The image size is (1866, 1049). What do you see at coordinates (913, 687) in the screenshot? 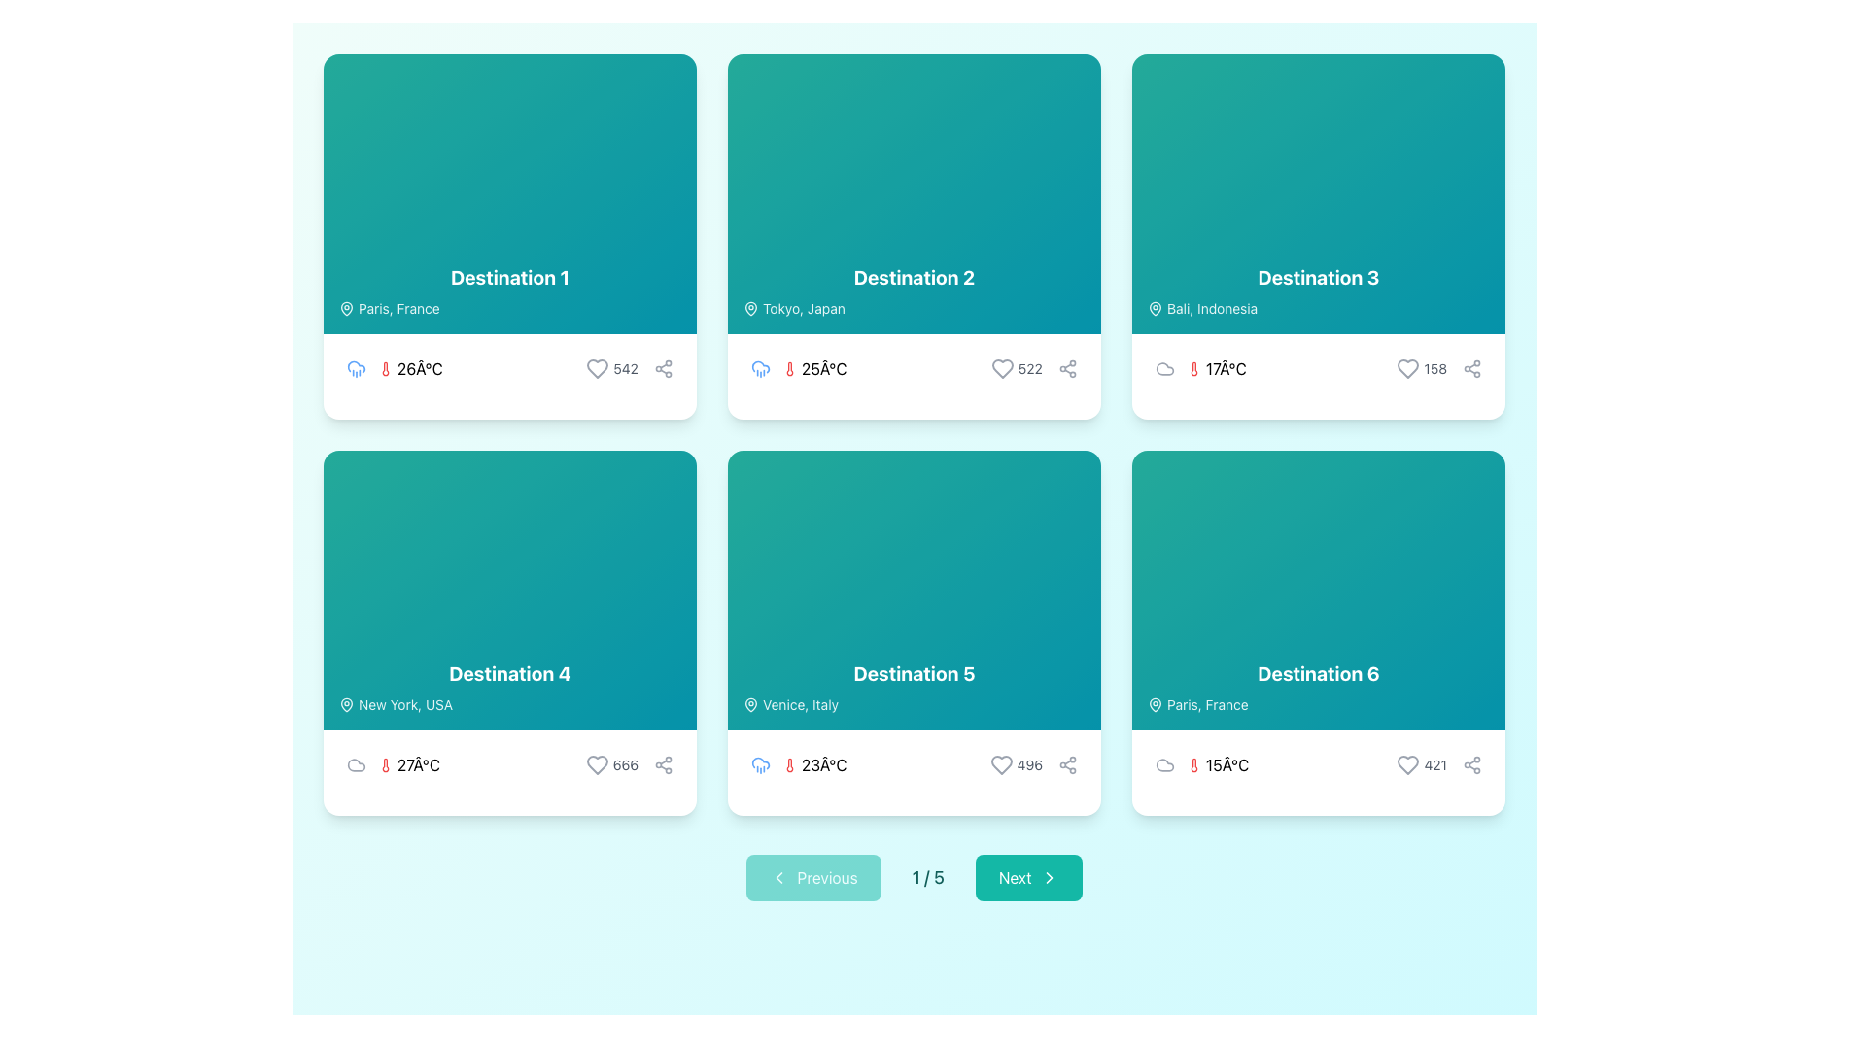
I see `text information from the Text block with embedded icon located at the center of the 'Destination 5' card in the middle column of the second row` at bounding box center [913, 687].